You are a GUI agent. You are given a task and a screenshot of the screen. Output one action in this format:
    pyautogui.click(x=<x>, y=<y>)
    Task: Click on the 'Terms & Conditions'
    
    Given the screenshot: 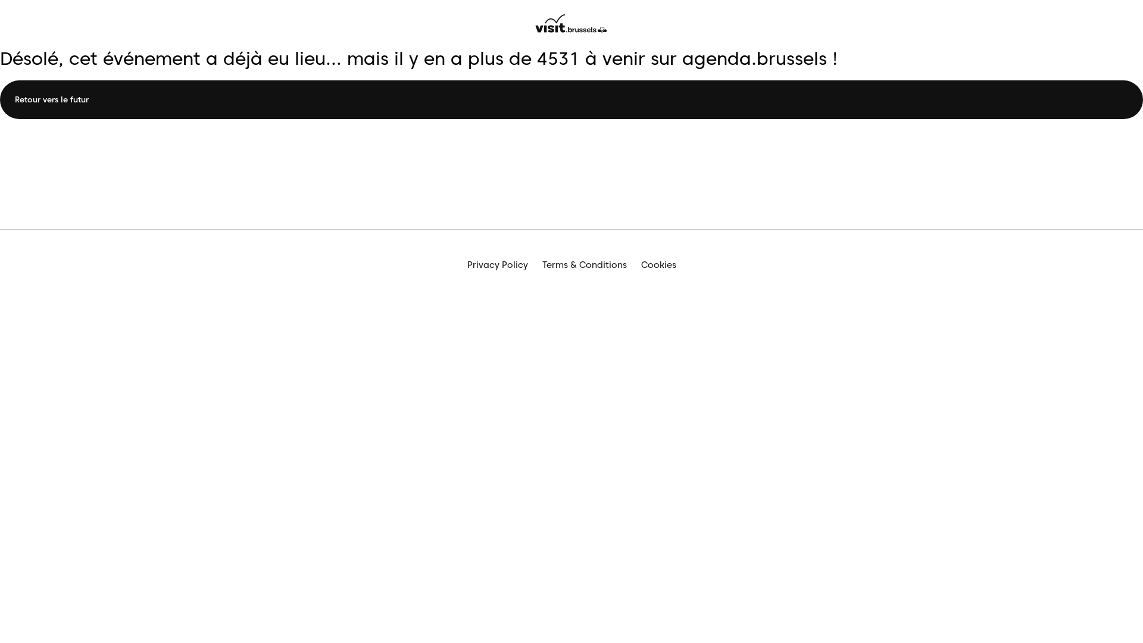 What is the action you would take?
    pyautogui.click(x=583, y=264)
    